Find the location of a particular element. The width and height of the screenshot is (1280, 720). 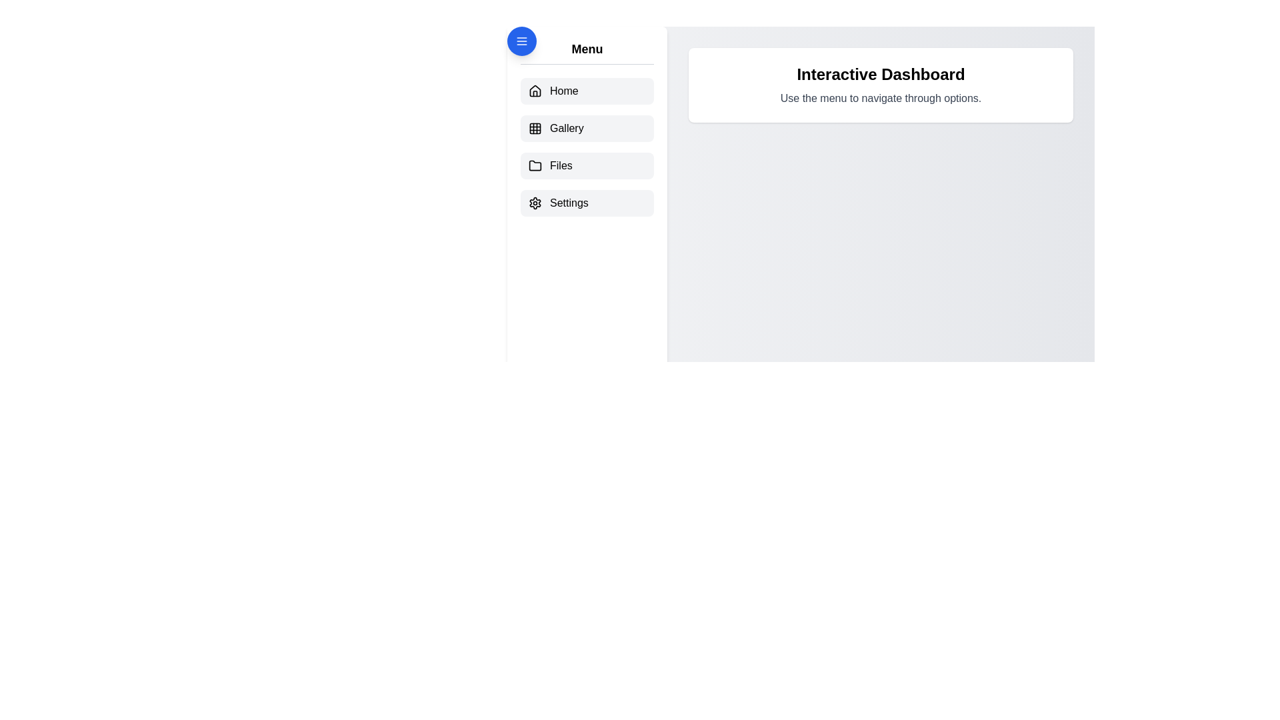

the menu item Settings is located at coordinates (587, 203).